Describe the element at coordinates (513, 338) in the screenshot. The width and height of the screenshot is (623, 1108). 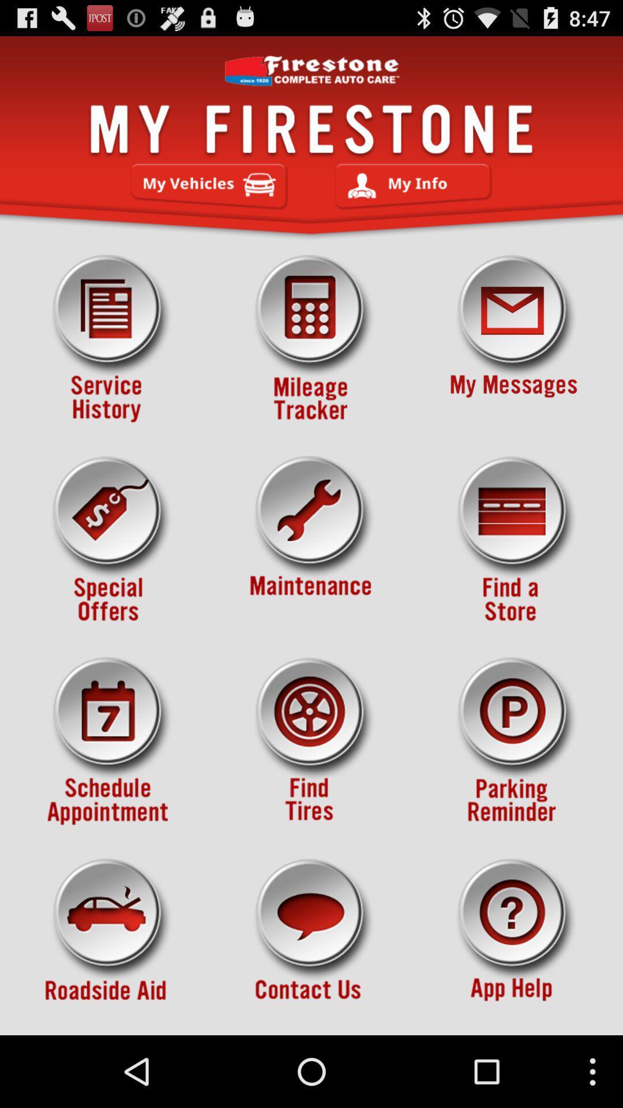
I see `item at the top right corner` at that location.